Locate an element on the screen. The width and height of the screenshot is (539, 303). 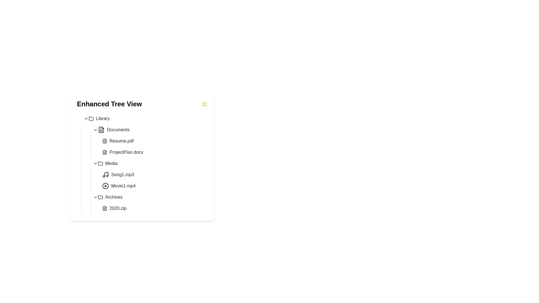
the text label that identifies the entry in the tree view as 'Library', which is positioned to the right of a folder icon is located at coordinates (103, 118).